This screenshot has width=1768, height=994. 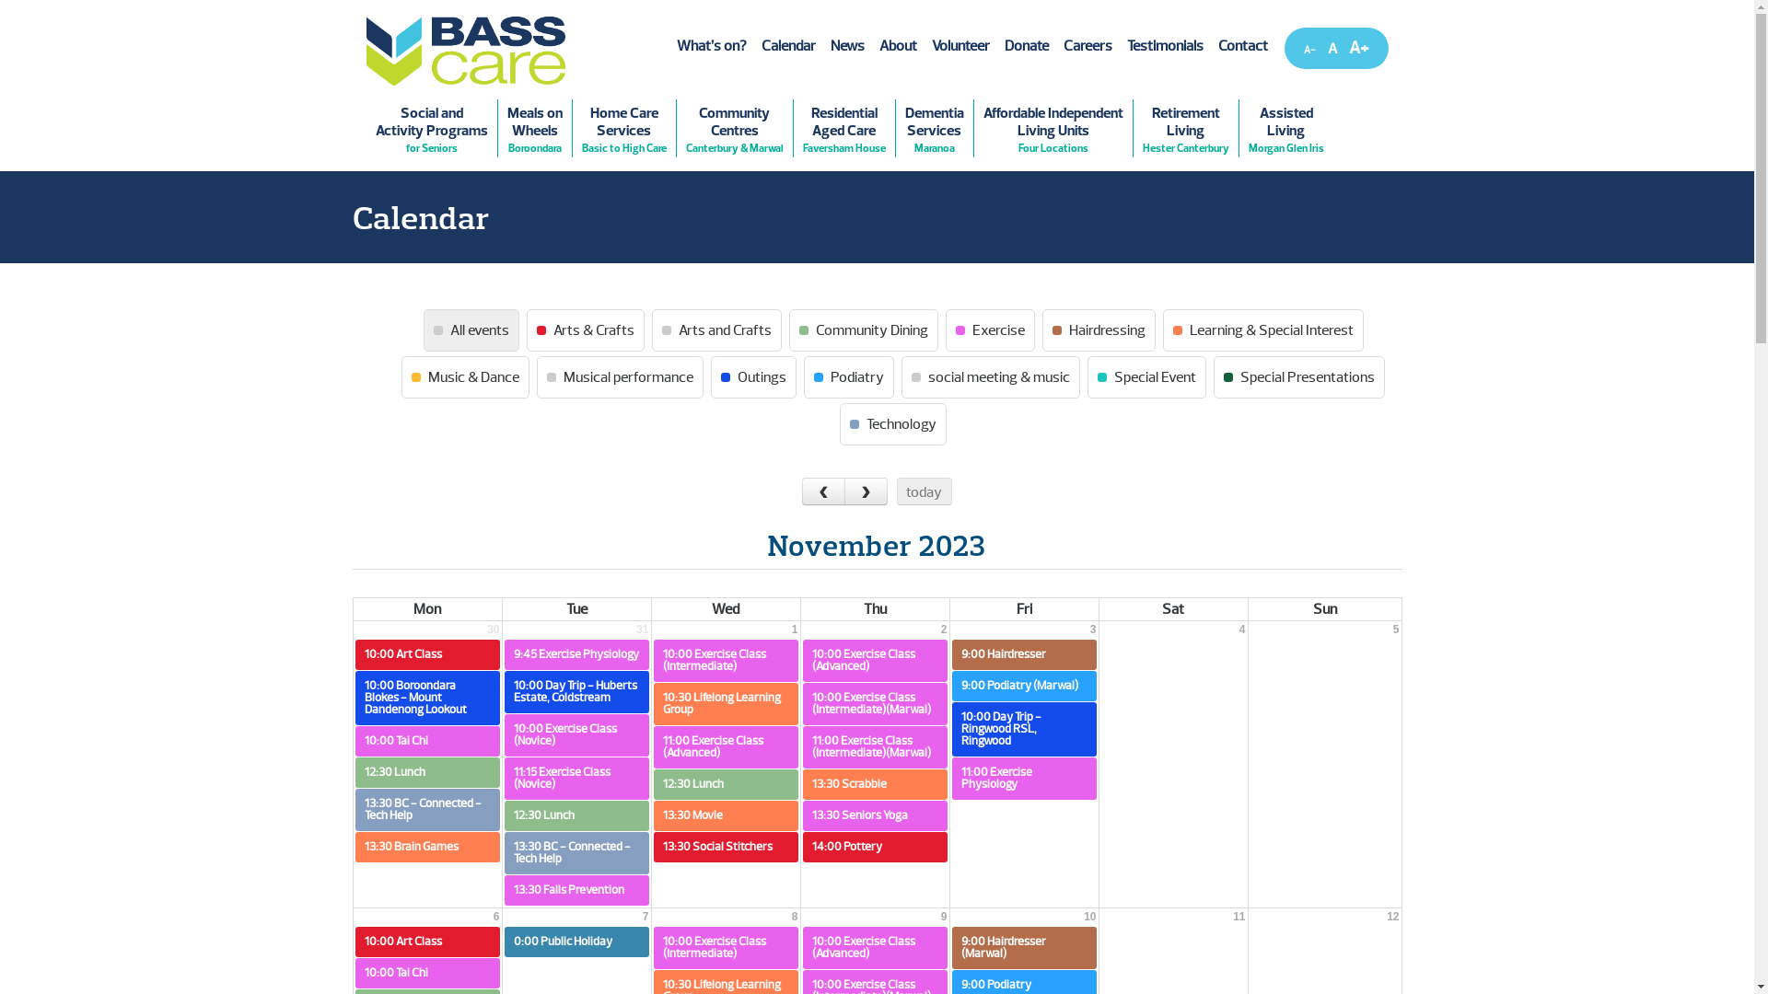 What do you see at coordinates (533, 127) in the screenshot?
I see `'Meals on` at bounding box center [533, 127].